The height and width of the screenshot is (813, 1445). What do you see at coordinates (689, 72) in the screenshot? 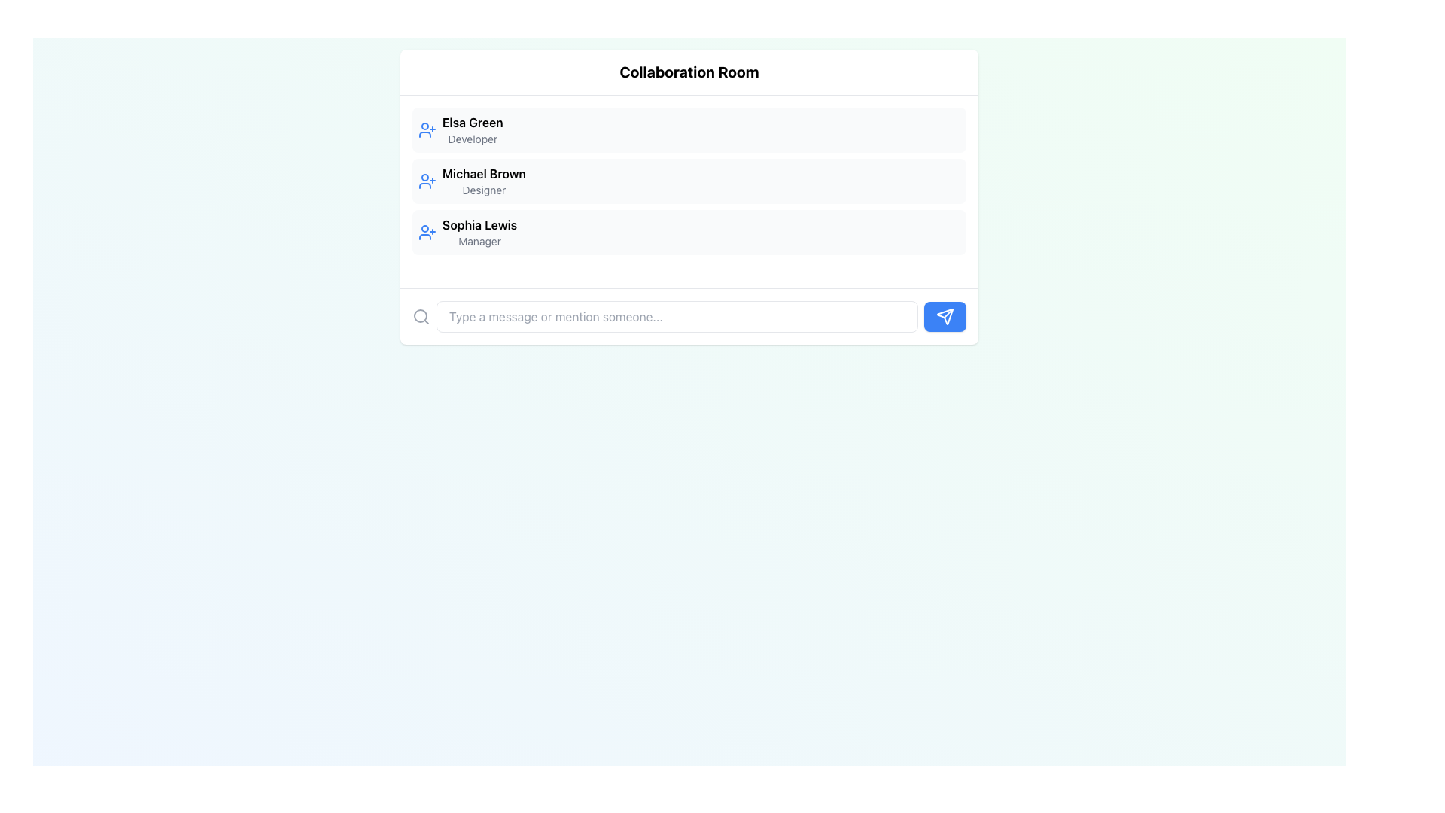
I see `text from the bold label titled 'Collaboration Room' located at the top-center of the card element` at bounding box center [689, 72].